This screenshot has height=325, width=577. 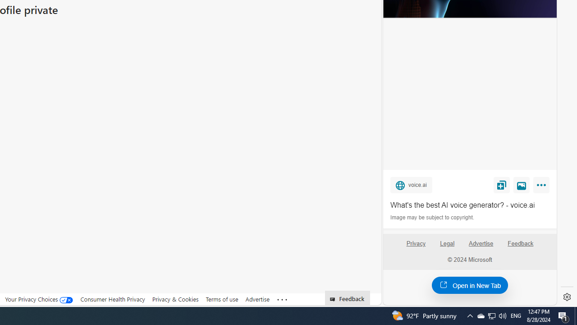 What do you see at coordinates (521, 247) in the screenshot?
I see `'Feedback'` at bounding box center [521, 247].